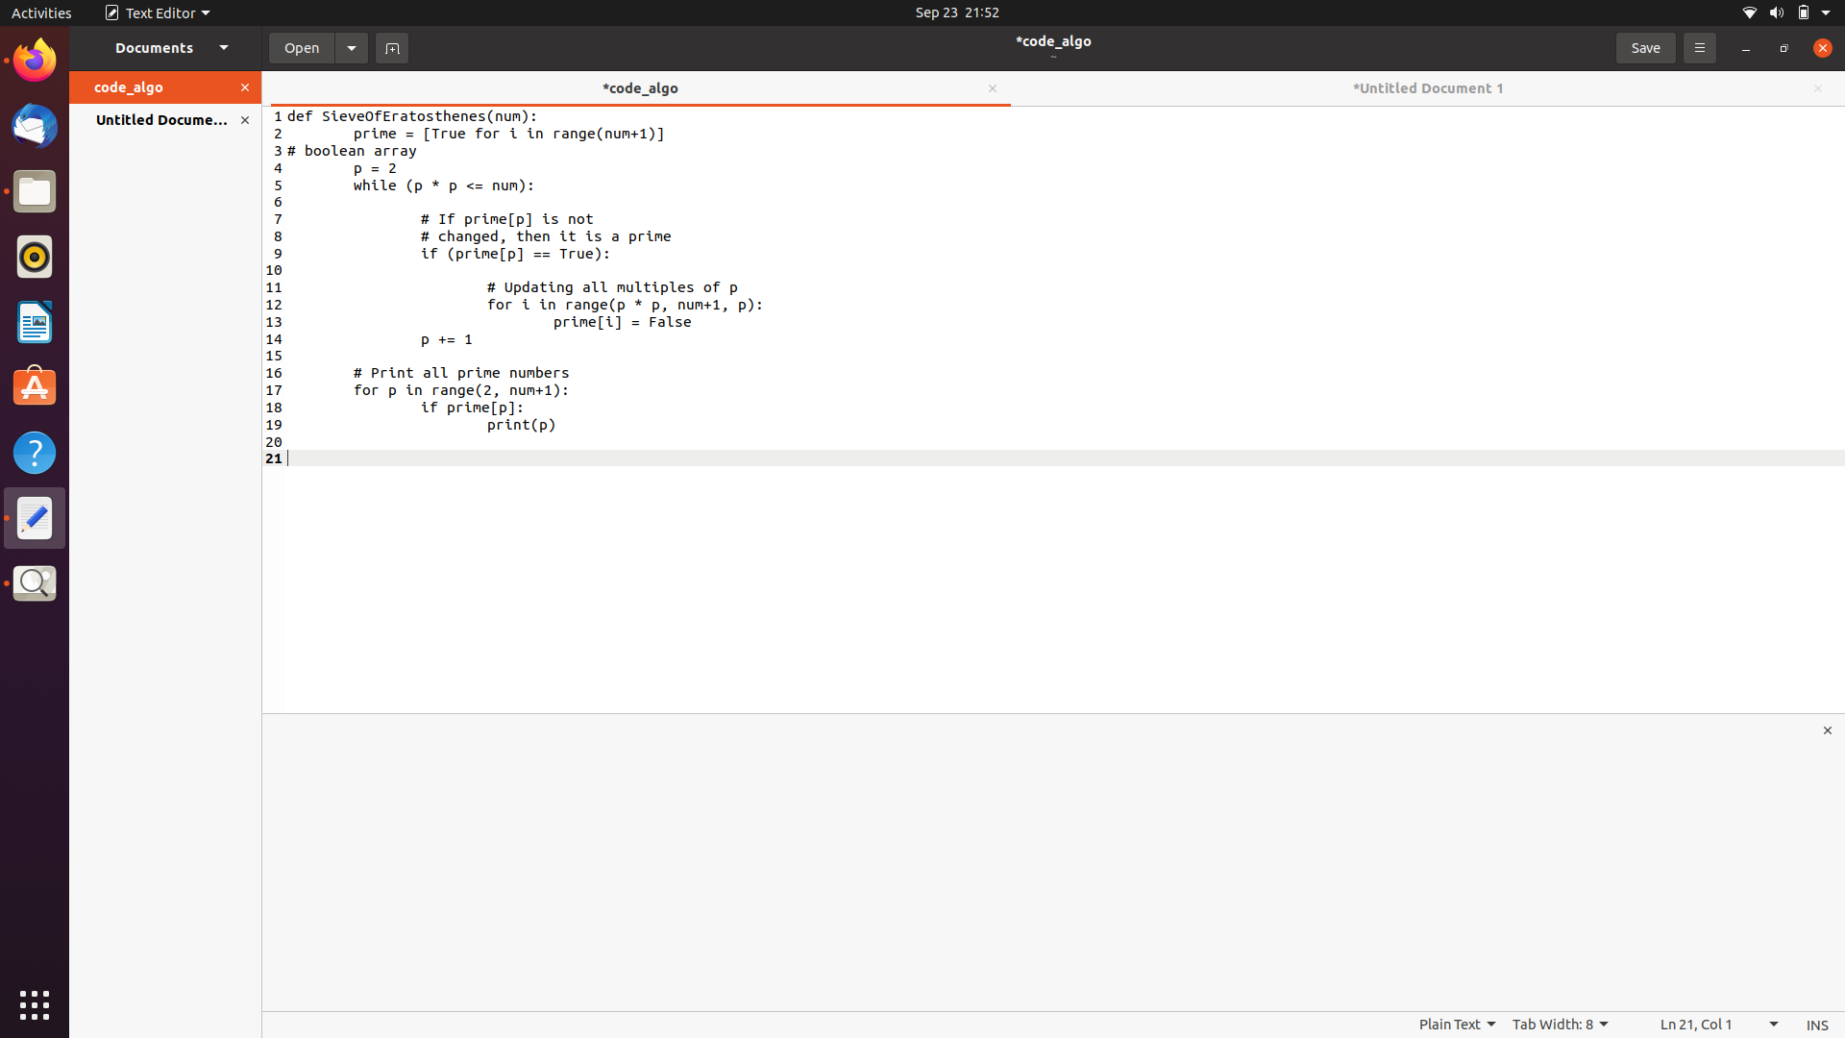 This screenshot has height=1038, width=1845. Describe the element at coordinates (1644, 45) in the screenshot. I see `the save option` at that location.